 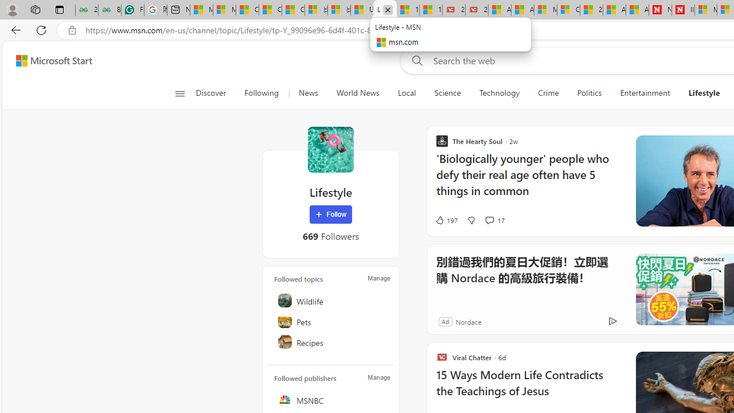 I want to click on '25 Basic Linux Commands For Beginners - GeeksforGeeks', so click(x=86, y=10).